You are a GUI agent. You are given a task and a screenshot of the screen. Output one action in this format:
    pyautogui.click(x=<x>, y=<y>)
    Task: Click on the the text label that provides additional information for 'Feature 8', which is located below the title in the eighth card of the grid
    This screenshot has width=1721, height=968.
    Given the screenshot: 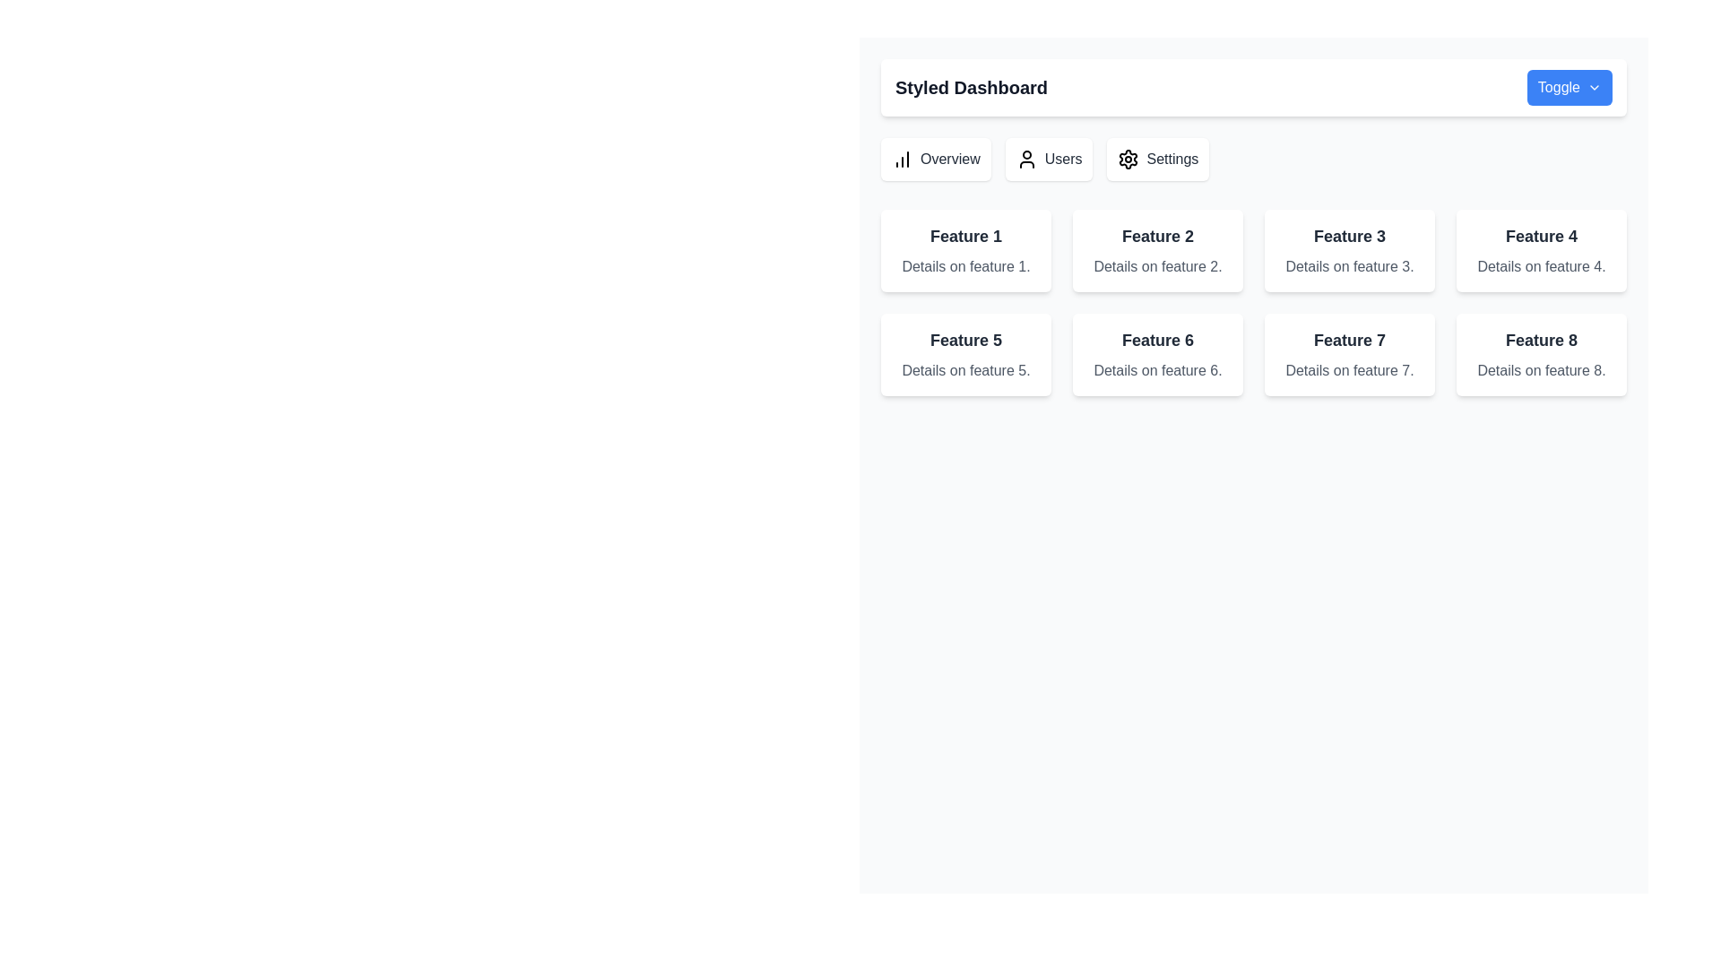 What is the action you would take?
    pyautogui.click(x=1540, y=369)
    